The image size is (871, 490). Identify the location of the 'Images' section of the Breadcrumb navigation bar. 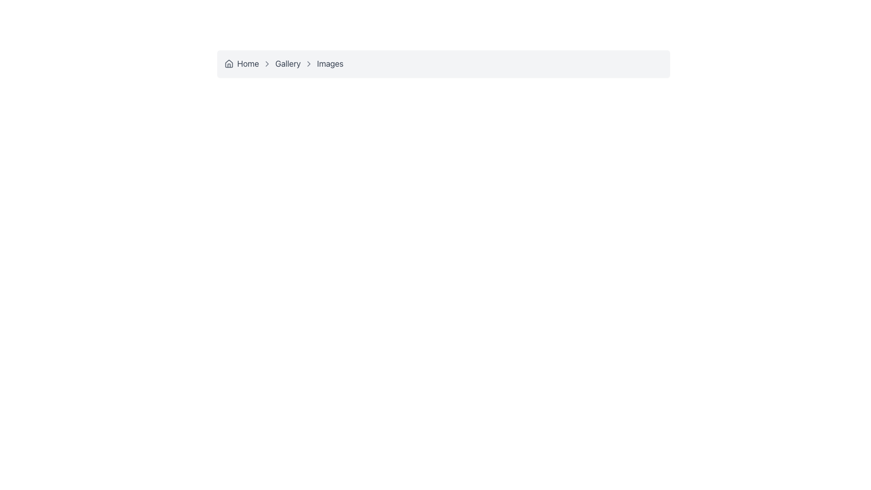
(444, 64).